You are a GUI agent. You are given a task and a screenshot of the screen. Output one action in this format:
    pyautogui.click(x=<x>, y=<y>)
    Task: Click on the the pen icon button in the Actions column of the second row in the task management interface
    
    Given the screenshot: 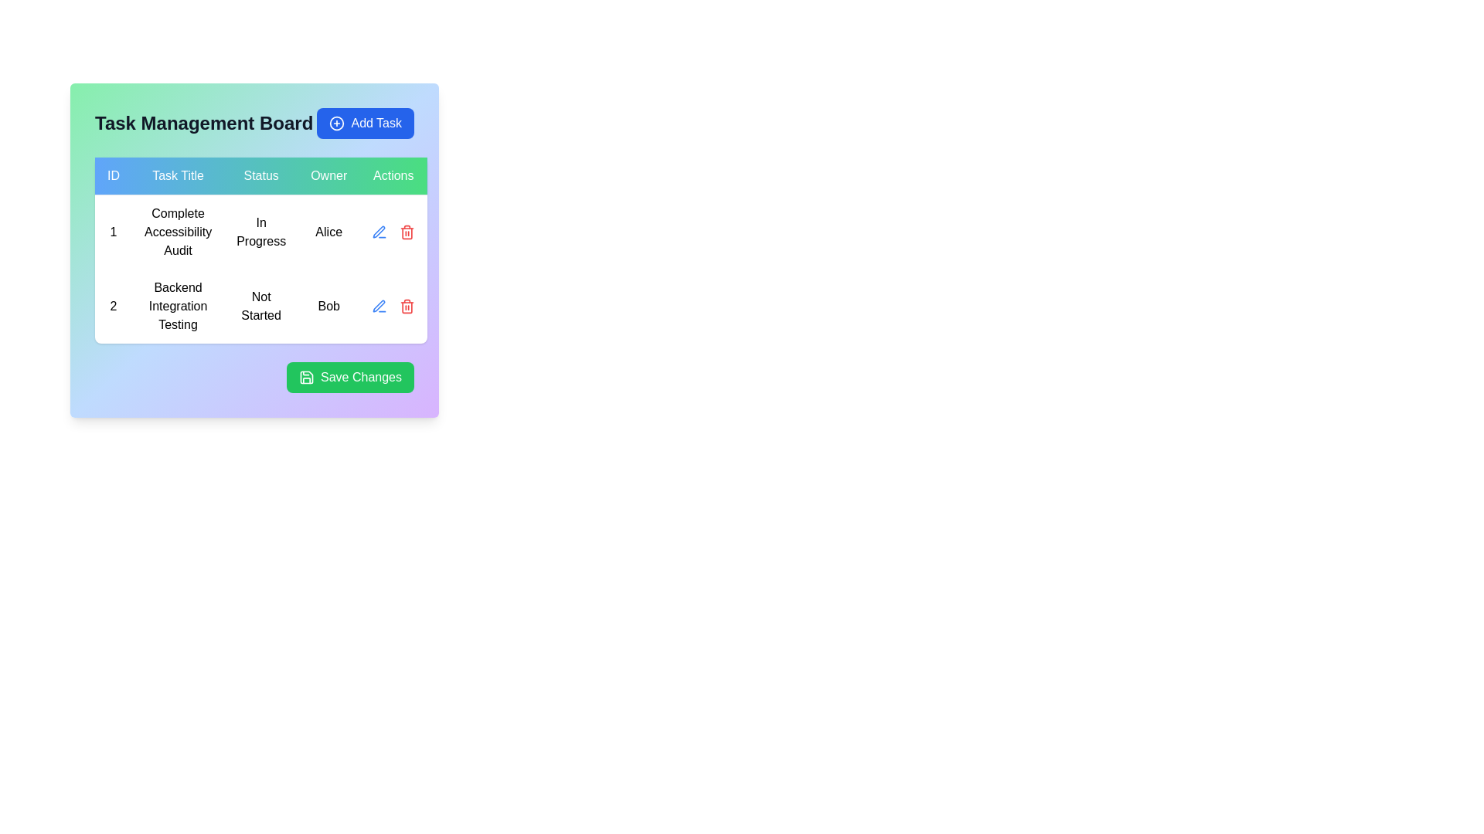 What is the action you would take?
    pyautogui.click(x=379, y=306)
    